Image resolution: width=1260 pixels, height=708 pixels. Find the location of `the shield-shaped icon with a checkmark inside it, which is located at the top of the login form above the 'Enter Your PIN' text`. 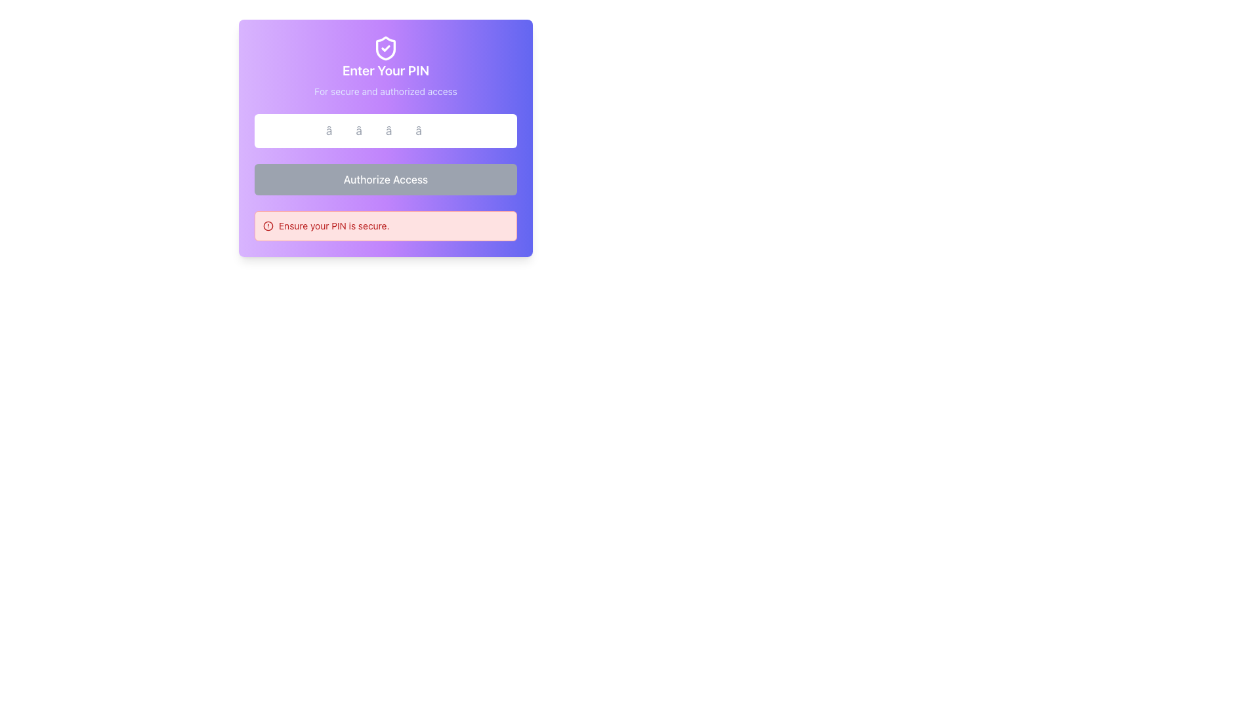

the shield-shaped icon with a checkmark inside it, which is located at the top of the login form above the 'Enter Your PIN' text is located at coordinates (385, 47).